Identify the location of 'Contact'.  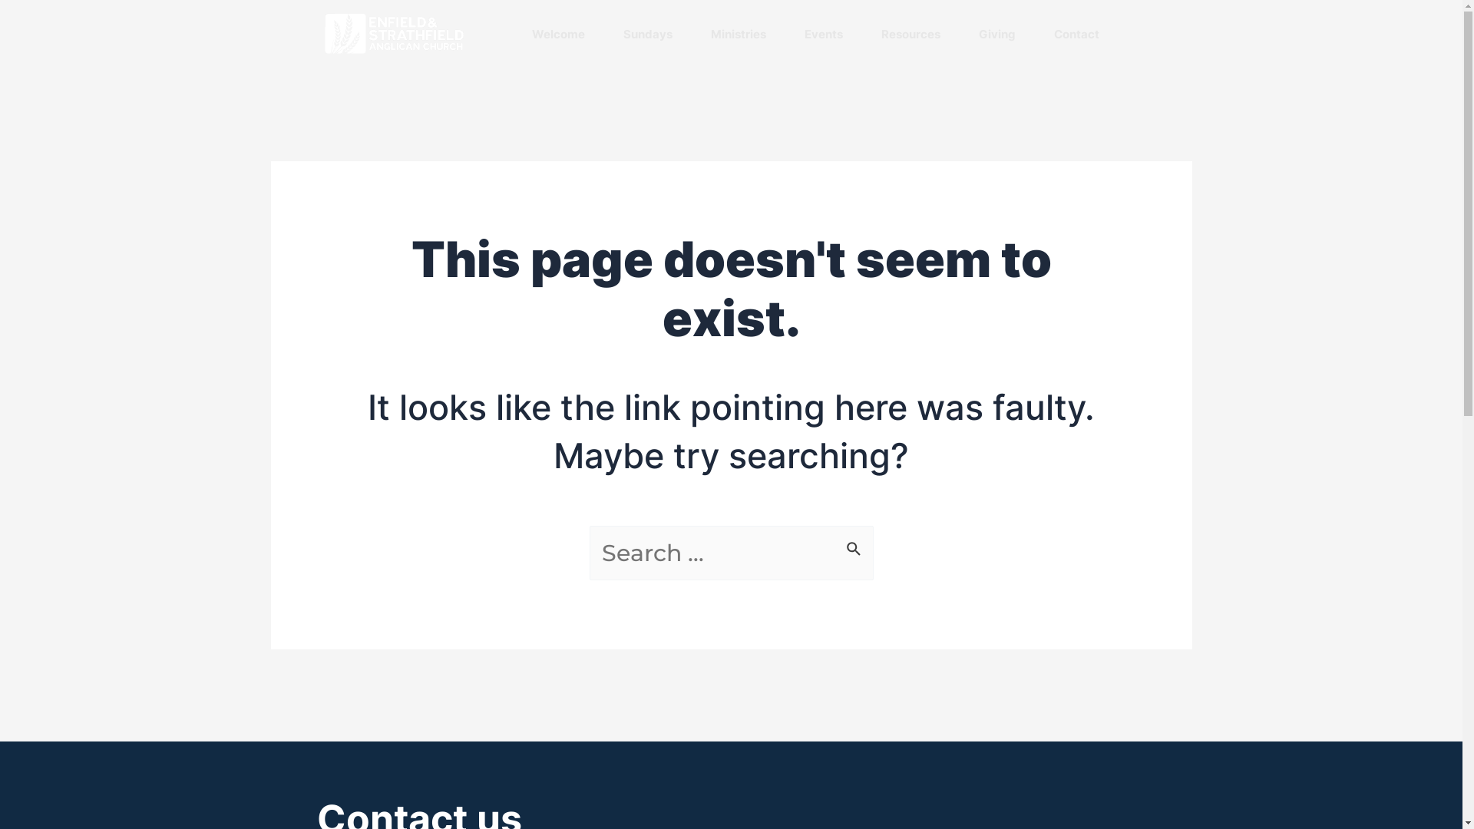
(1075, 34).